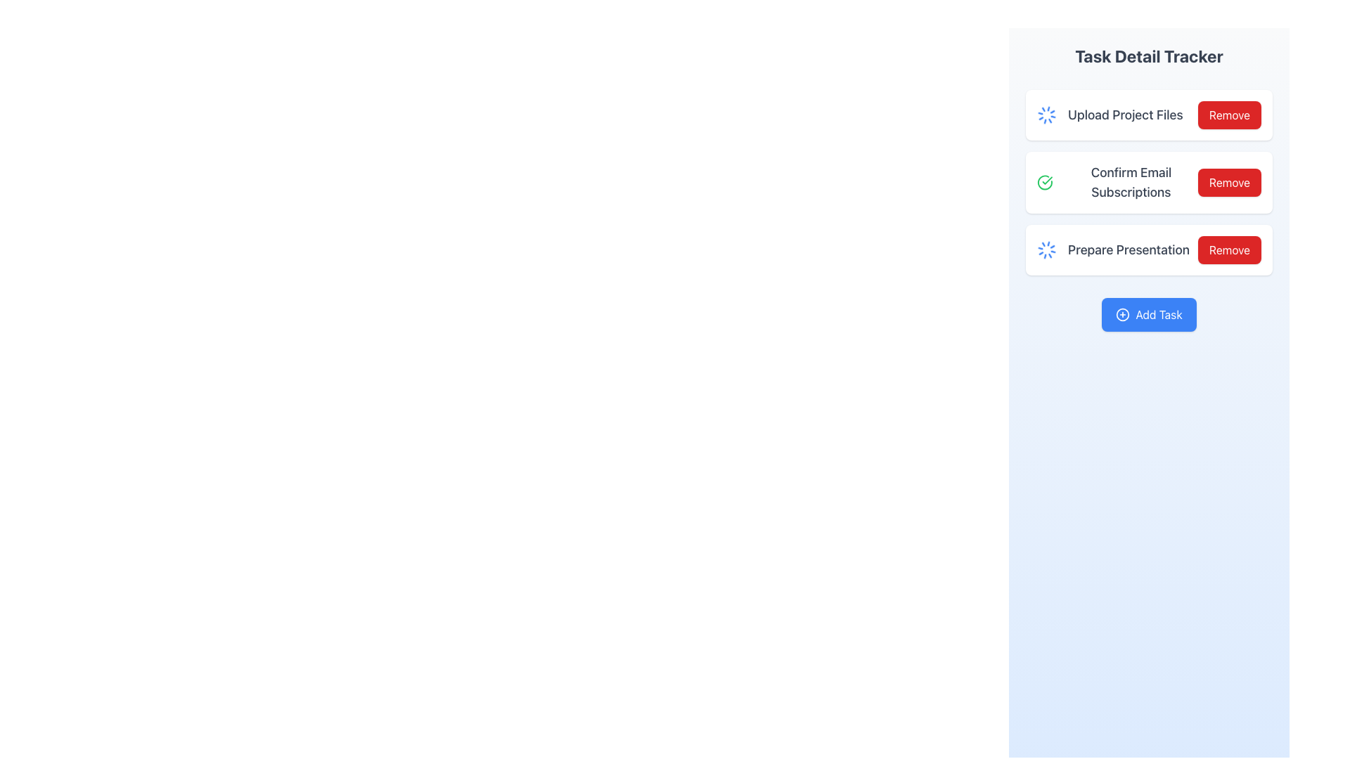 The height and width of the screenshot is (759, 1350). Describe the element at coordinates (1228, 249) in the screenshot. I see `the 'Remove' button with a bold red background located within the 'Prepare Presentation' list item, which is the third task in the list` at that location.